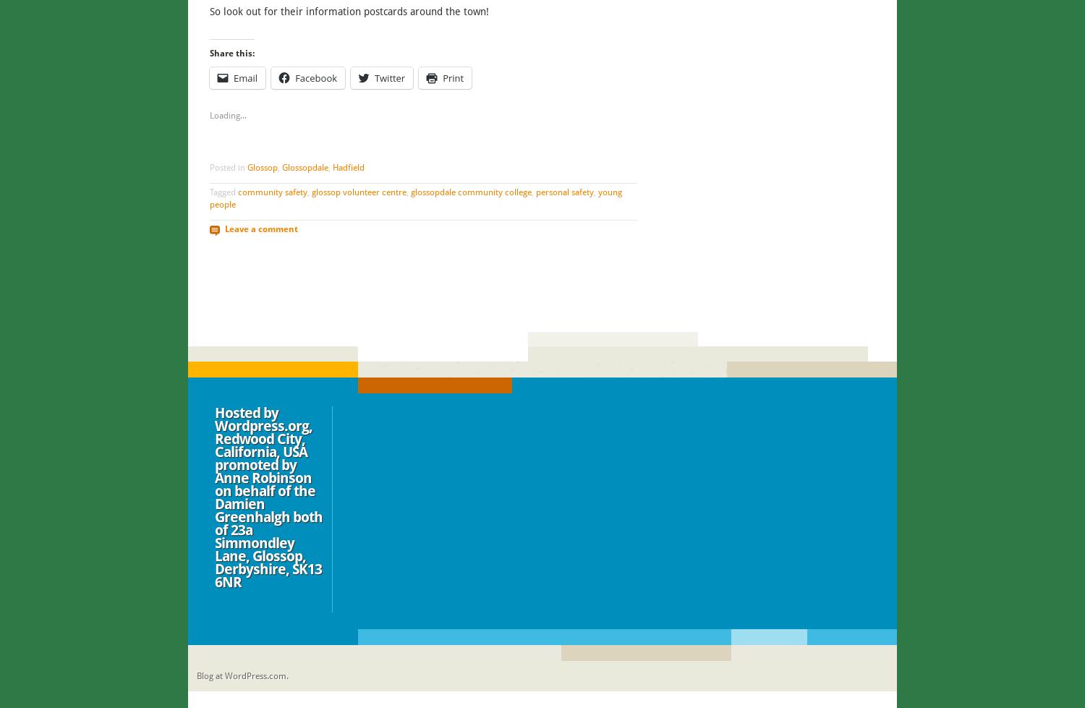  Describe the element at coordinates (242, 675) in the screenshot. I see `'Blog at WordPress.com.'` at that location.